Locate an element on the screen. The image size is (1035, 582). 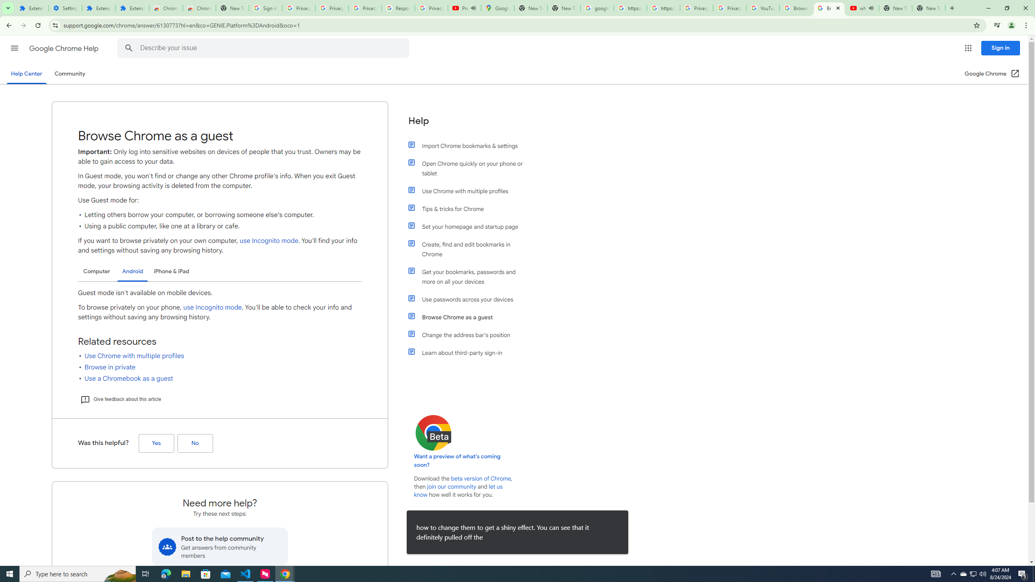
'Open Chrome quickly on your phone or tablet' is located at coordinates (470, 168).